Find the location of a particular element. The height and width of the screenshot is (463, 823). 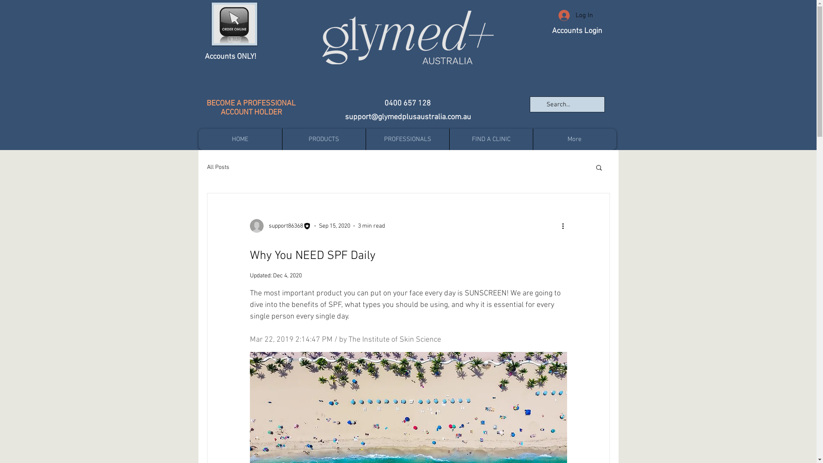

'FIND A CLINIC' is located at coordinates (491, 138).